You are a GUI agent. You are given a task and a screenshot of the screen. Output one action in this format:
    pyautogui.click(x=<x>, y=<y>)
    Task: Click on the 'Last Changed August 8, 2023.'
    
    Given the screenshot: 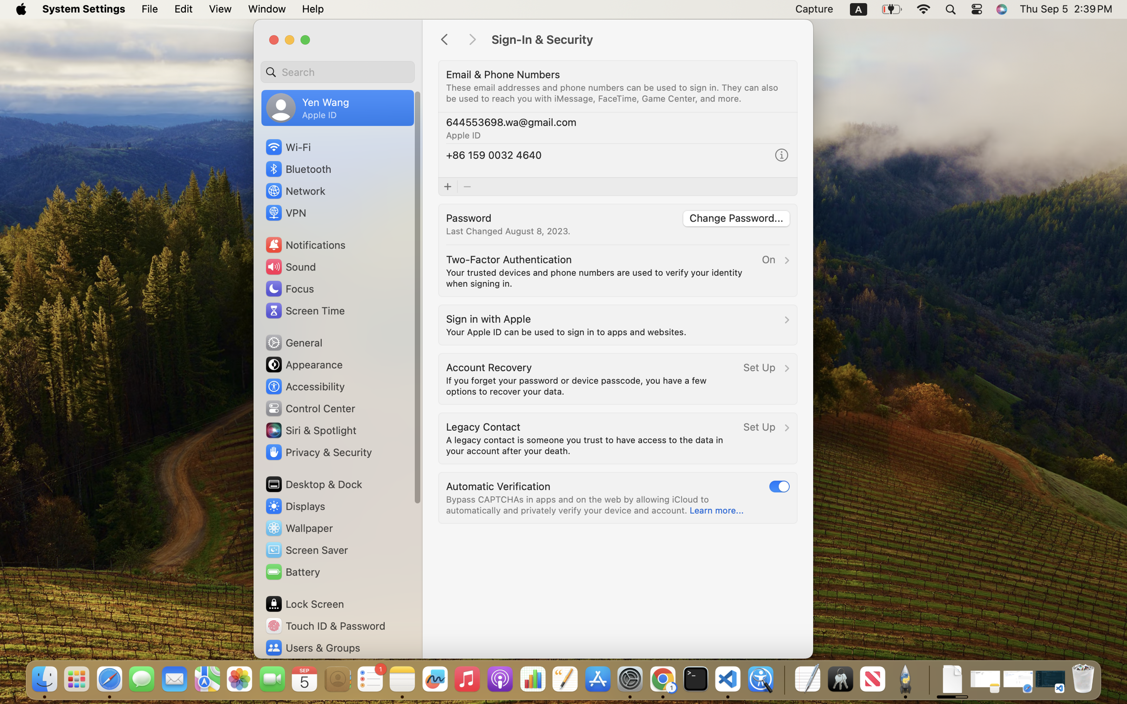 What is the action you would take?
    pyautogui.click(x=508, y=231)
    